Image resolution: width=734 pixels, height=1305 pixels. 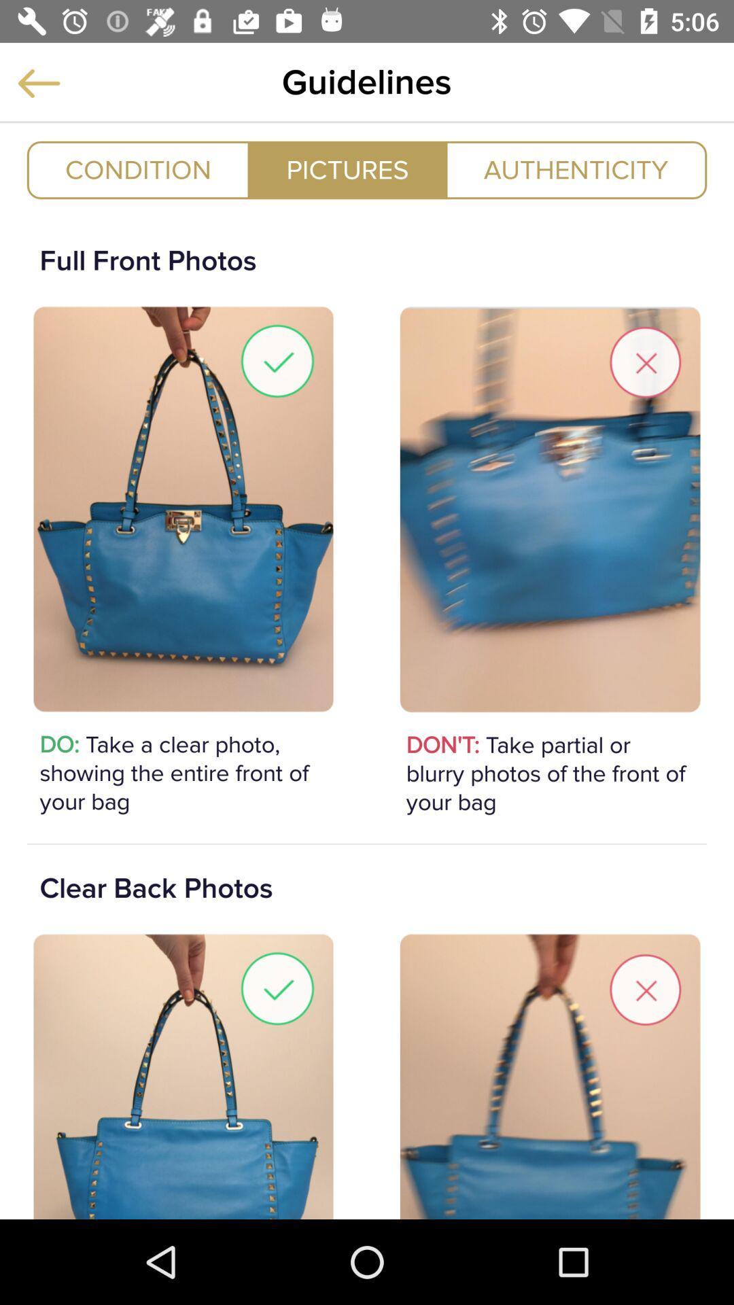 What do you see at coordinates (576, 169) in the screenshot?
I see `icon below guidelines` at bounding box center [576, 169].